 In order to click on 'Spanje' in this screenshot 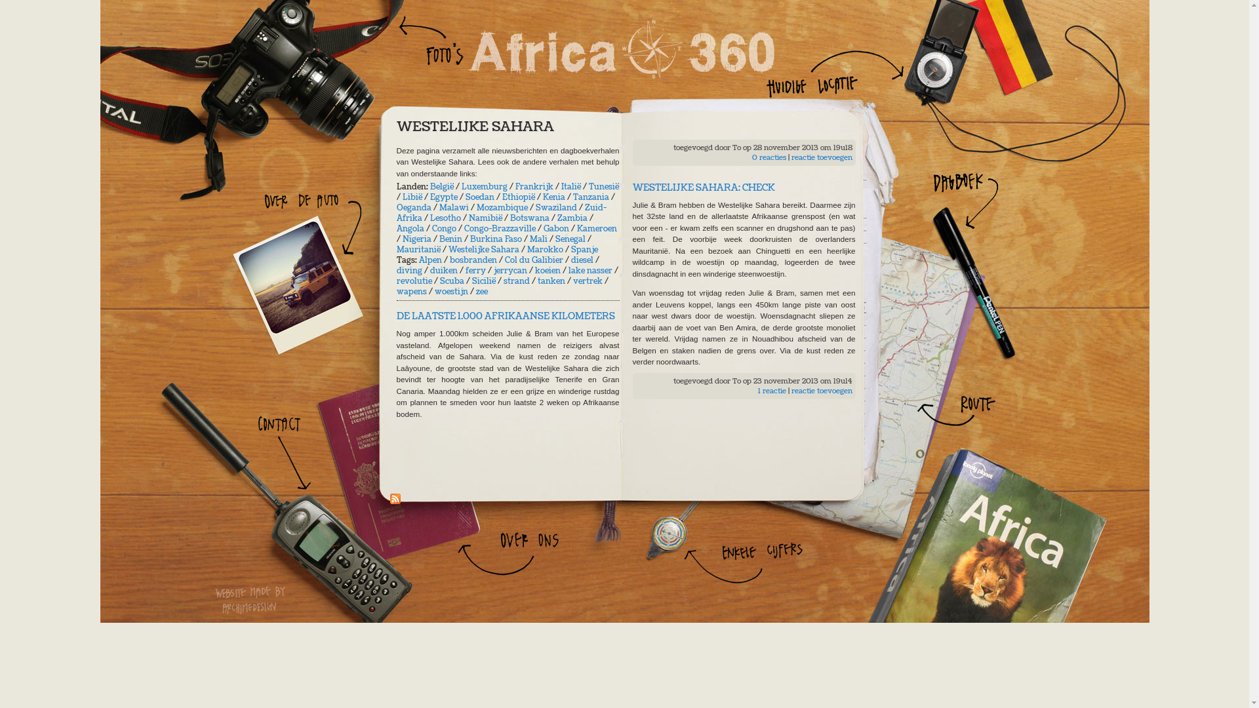, I will do `click(583, 250)`.